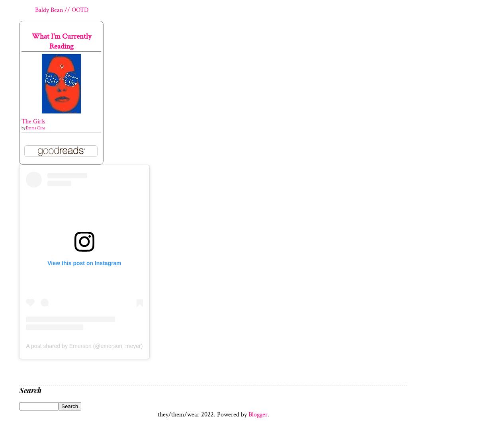  I want to click on 'by', so click(21, 128).